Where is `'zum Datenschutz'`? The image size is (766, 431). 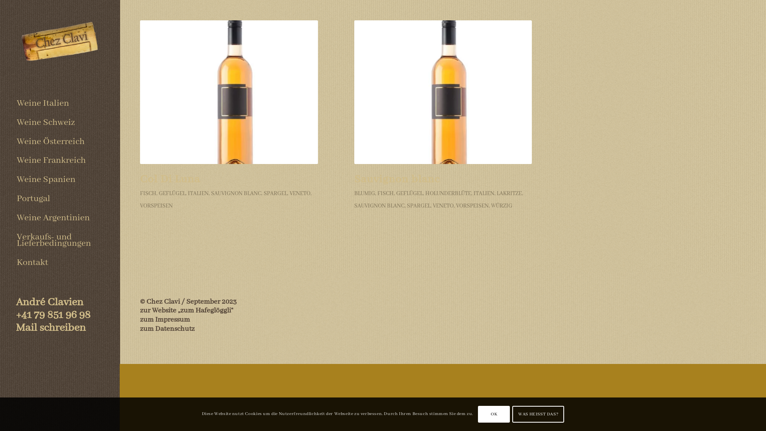 'zum Datenschutz' is located at coordinates (167, 329).